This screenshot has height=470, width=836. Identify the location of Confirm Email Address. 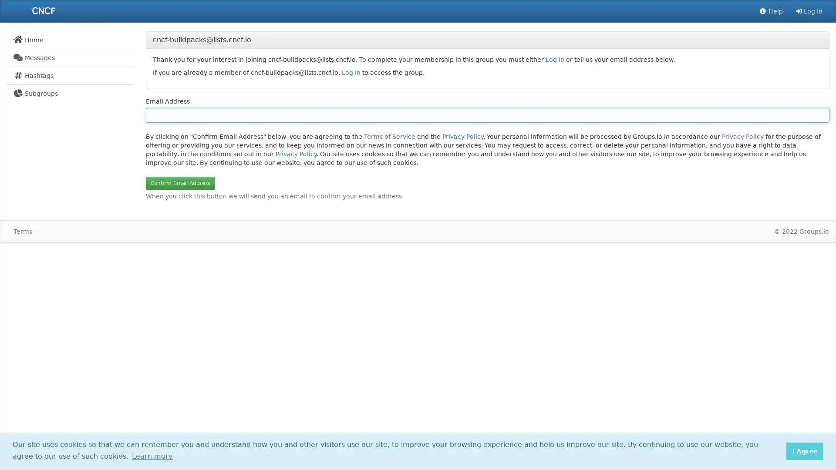
(179, 182).